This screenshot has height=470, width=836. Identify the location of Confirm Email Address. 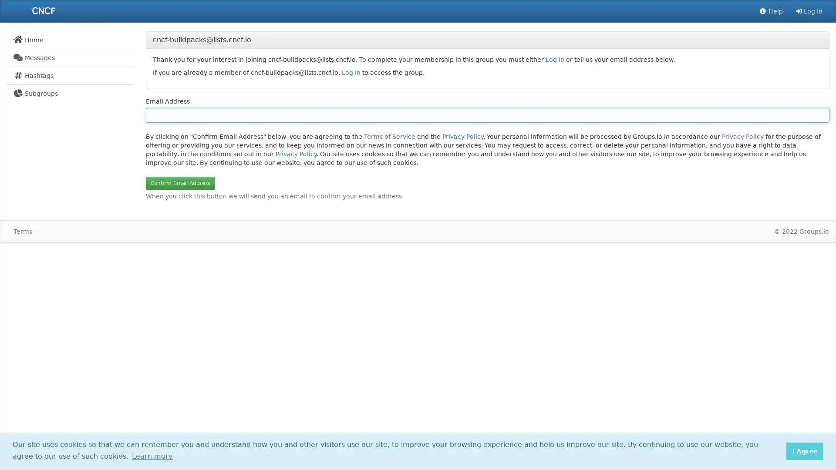
(179, 182).